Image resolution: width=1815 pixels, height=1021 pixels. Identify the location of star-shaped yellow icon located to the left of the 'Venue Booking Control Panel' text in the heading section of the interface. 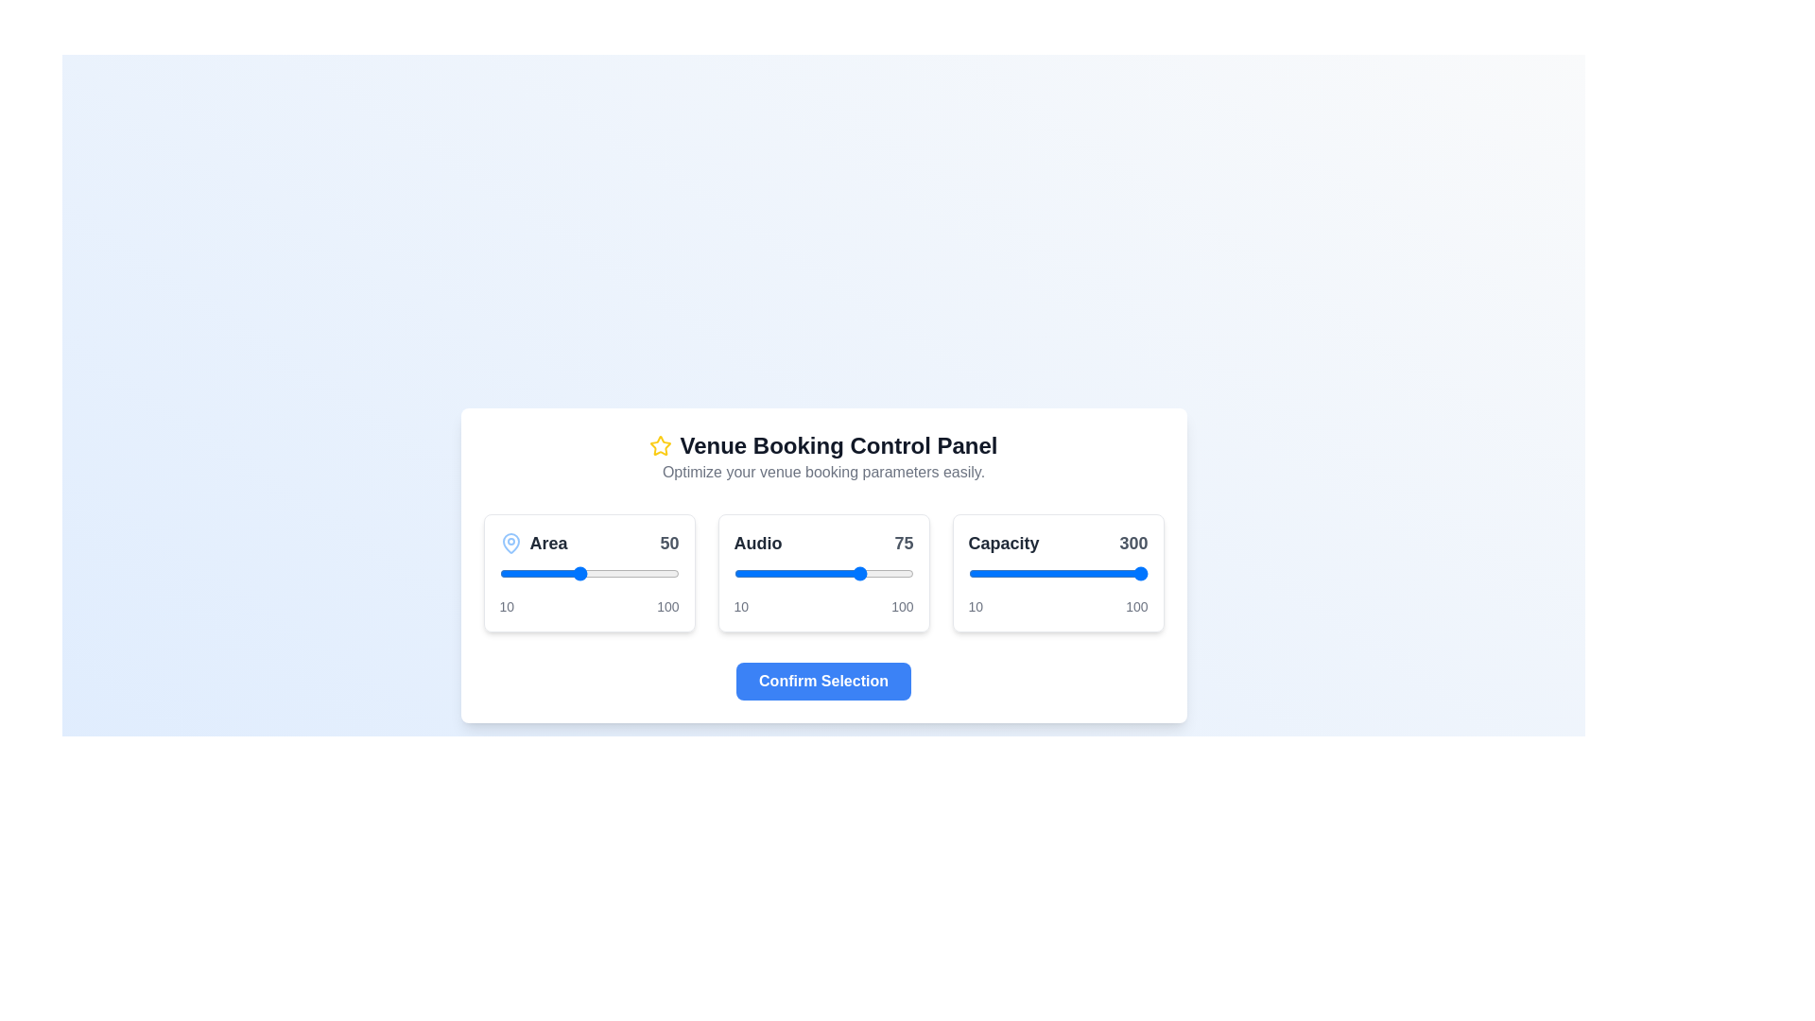
(661, 445).